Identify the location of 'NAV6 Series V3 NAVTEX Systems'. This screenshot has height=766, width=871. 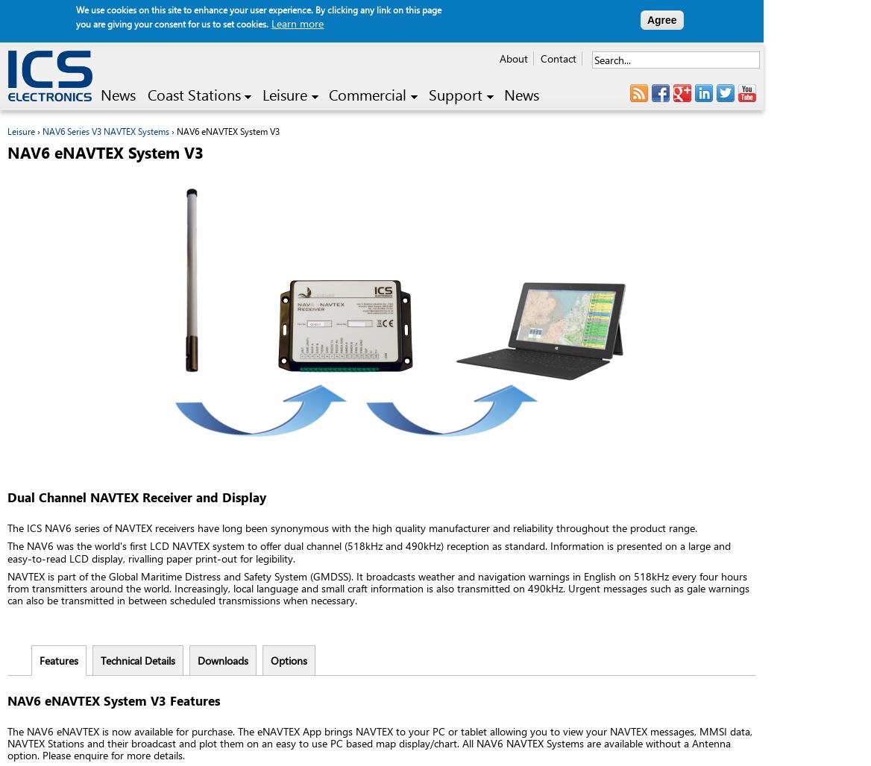
(42, 130).